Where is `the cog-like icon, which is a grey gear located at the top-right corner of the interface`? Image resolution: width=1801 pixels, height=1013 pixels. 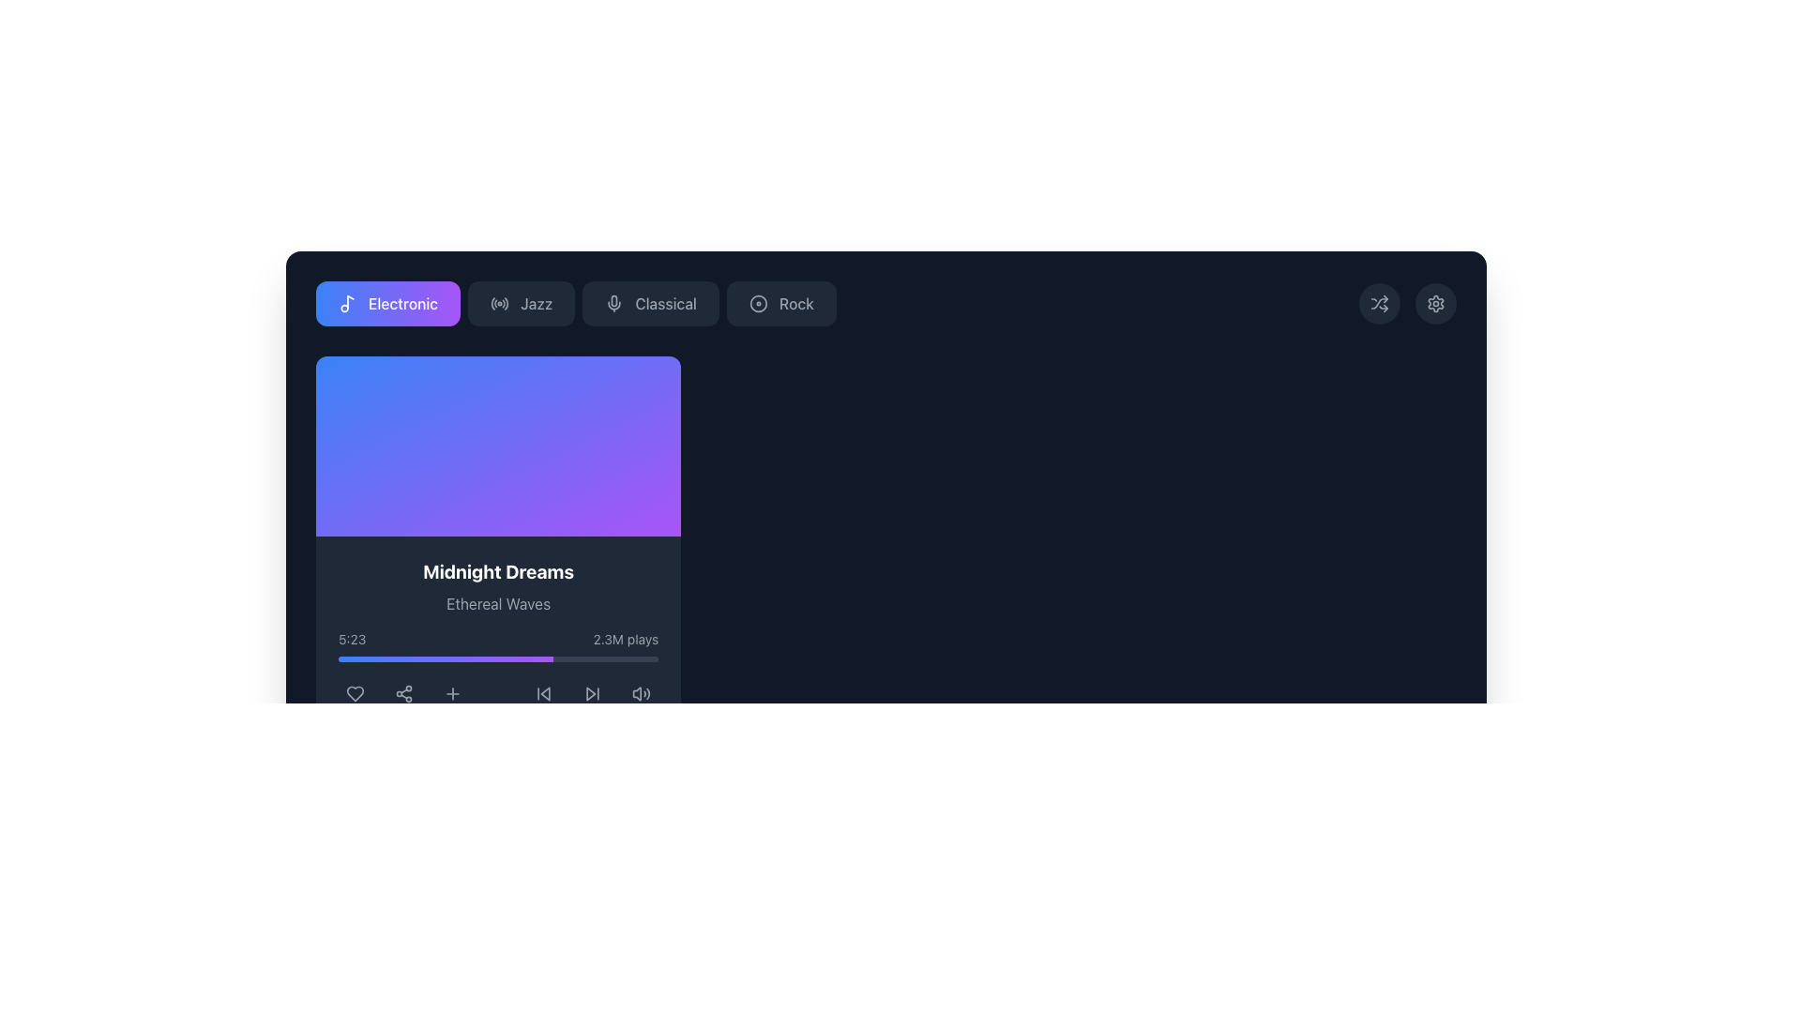 the cog-like icon, which is a grey gear located at the top-right corner of the interface is located at coordinates (1435, 303).